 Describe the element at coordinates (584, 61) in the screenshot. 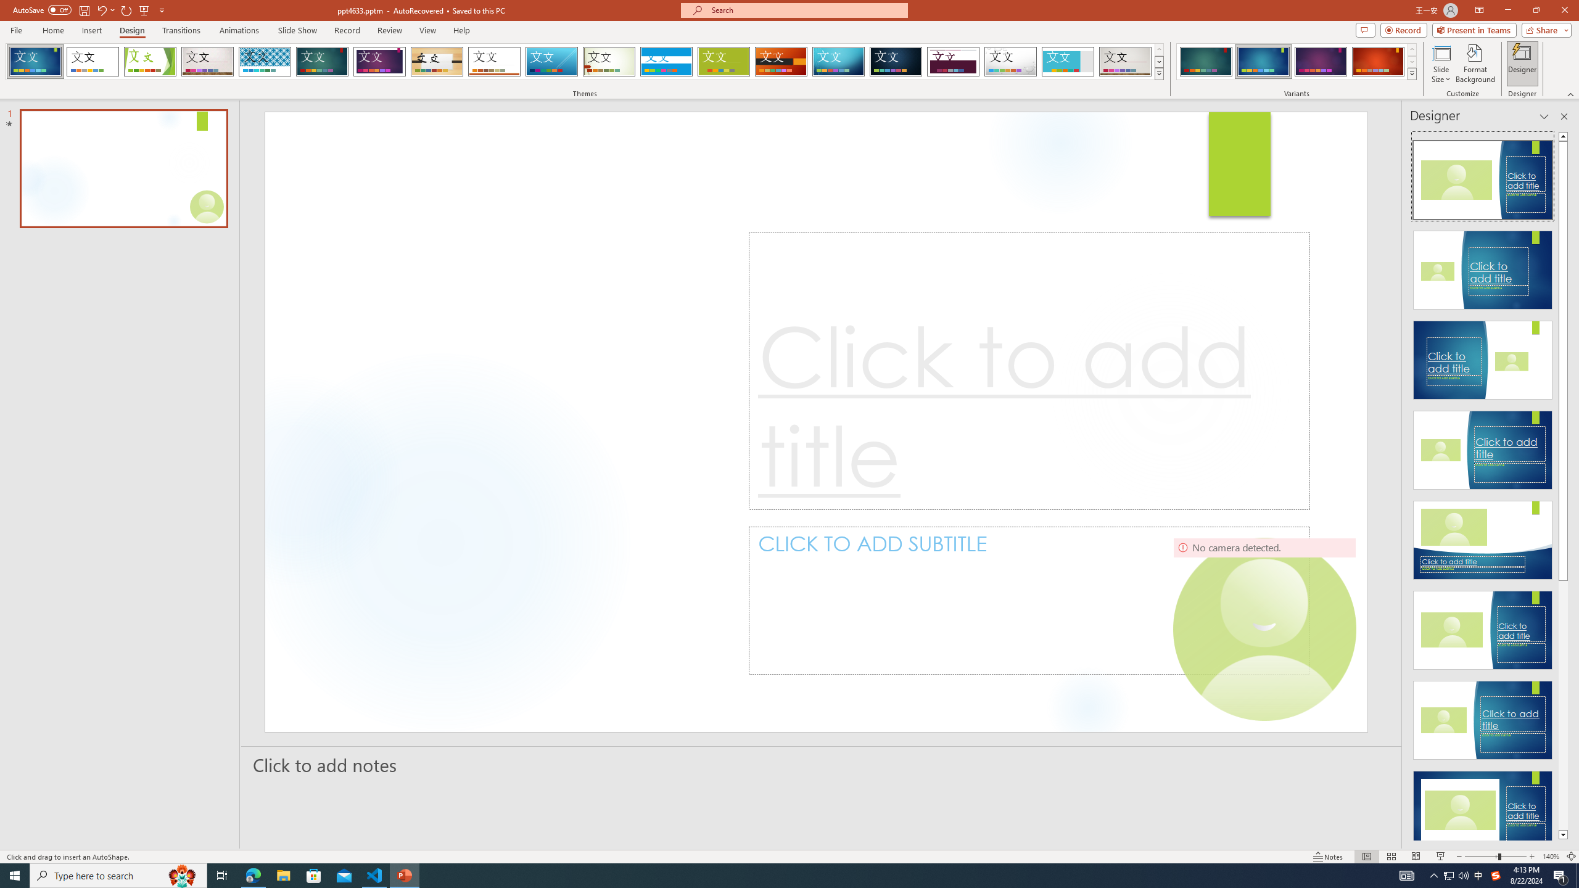

I see `'AutomationID: SlideThemesGallery'` at that location.